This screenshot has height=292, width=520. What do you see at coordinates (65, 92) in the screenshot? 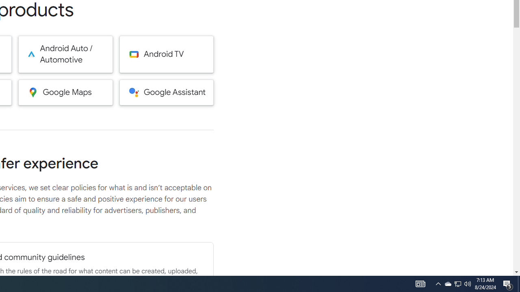
I see `'Google Maps'` at bounding box center [65, 92].